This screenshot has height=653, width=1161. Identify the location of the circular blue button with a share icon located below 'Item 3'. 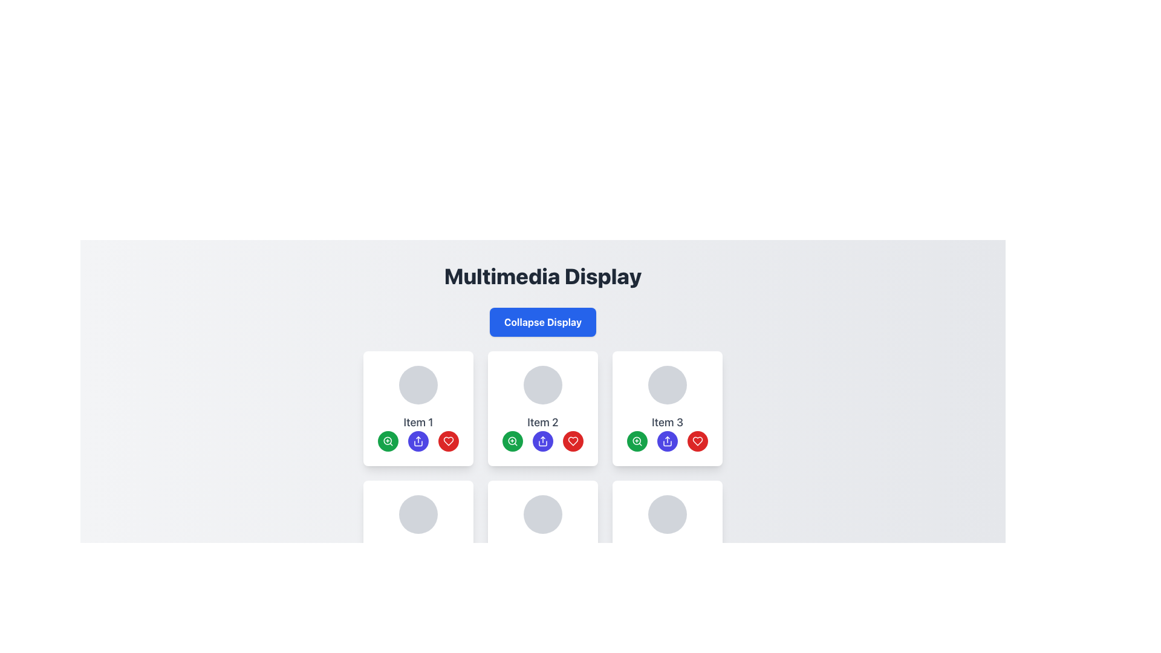
(667, 441).